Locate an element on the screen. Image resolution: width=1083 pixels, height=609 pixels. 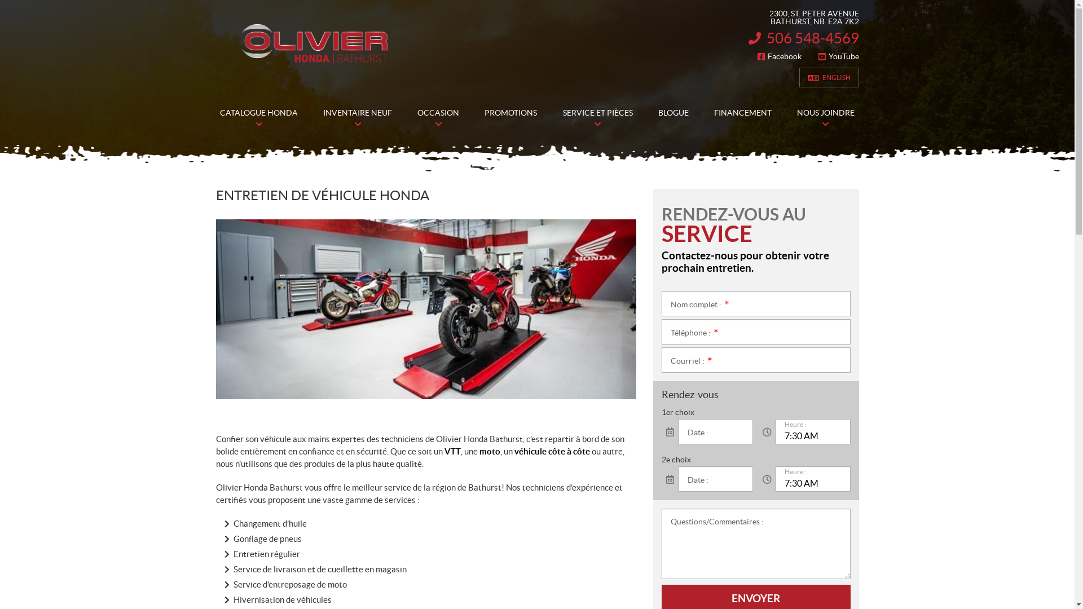
'506 548-4569' is located at coordinates (803, 37).